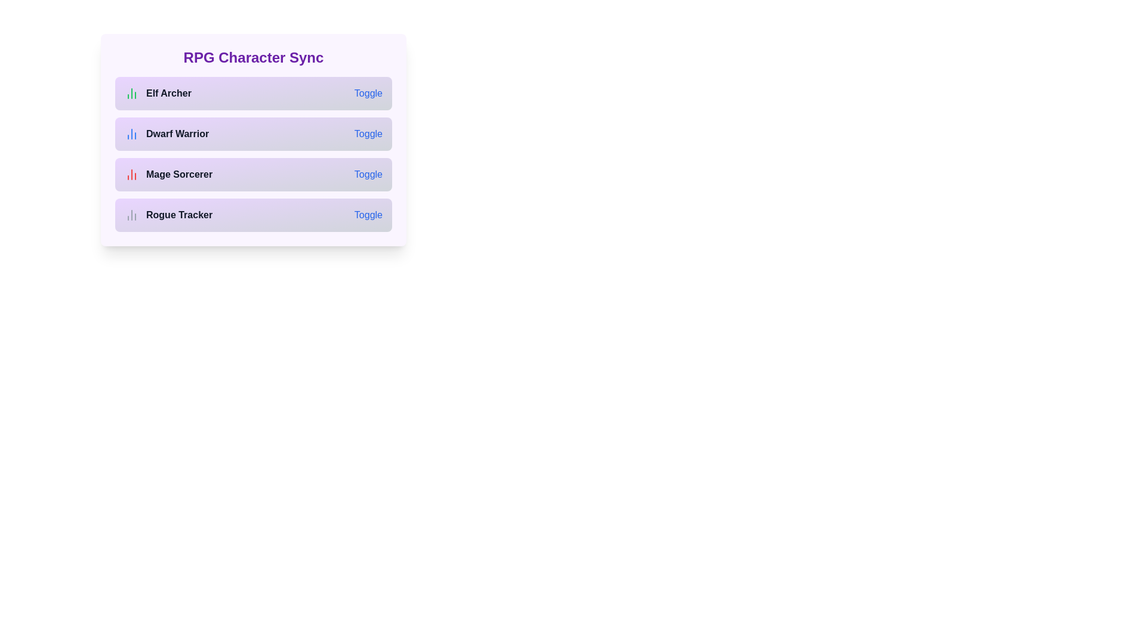  Describe the element at coordinates (178, 175) in the screenshot. I see `the text label displaying 'Mage Sorcerer', which is the third item in the vertical list of character entries under 'RPG Character Sync'` at that location.